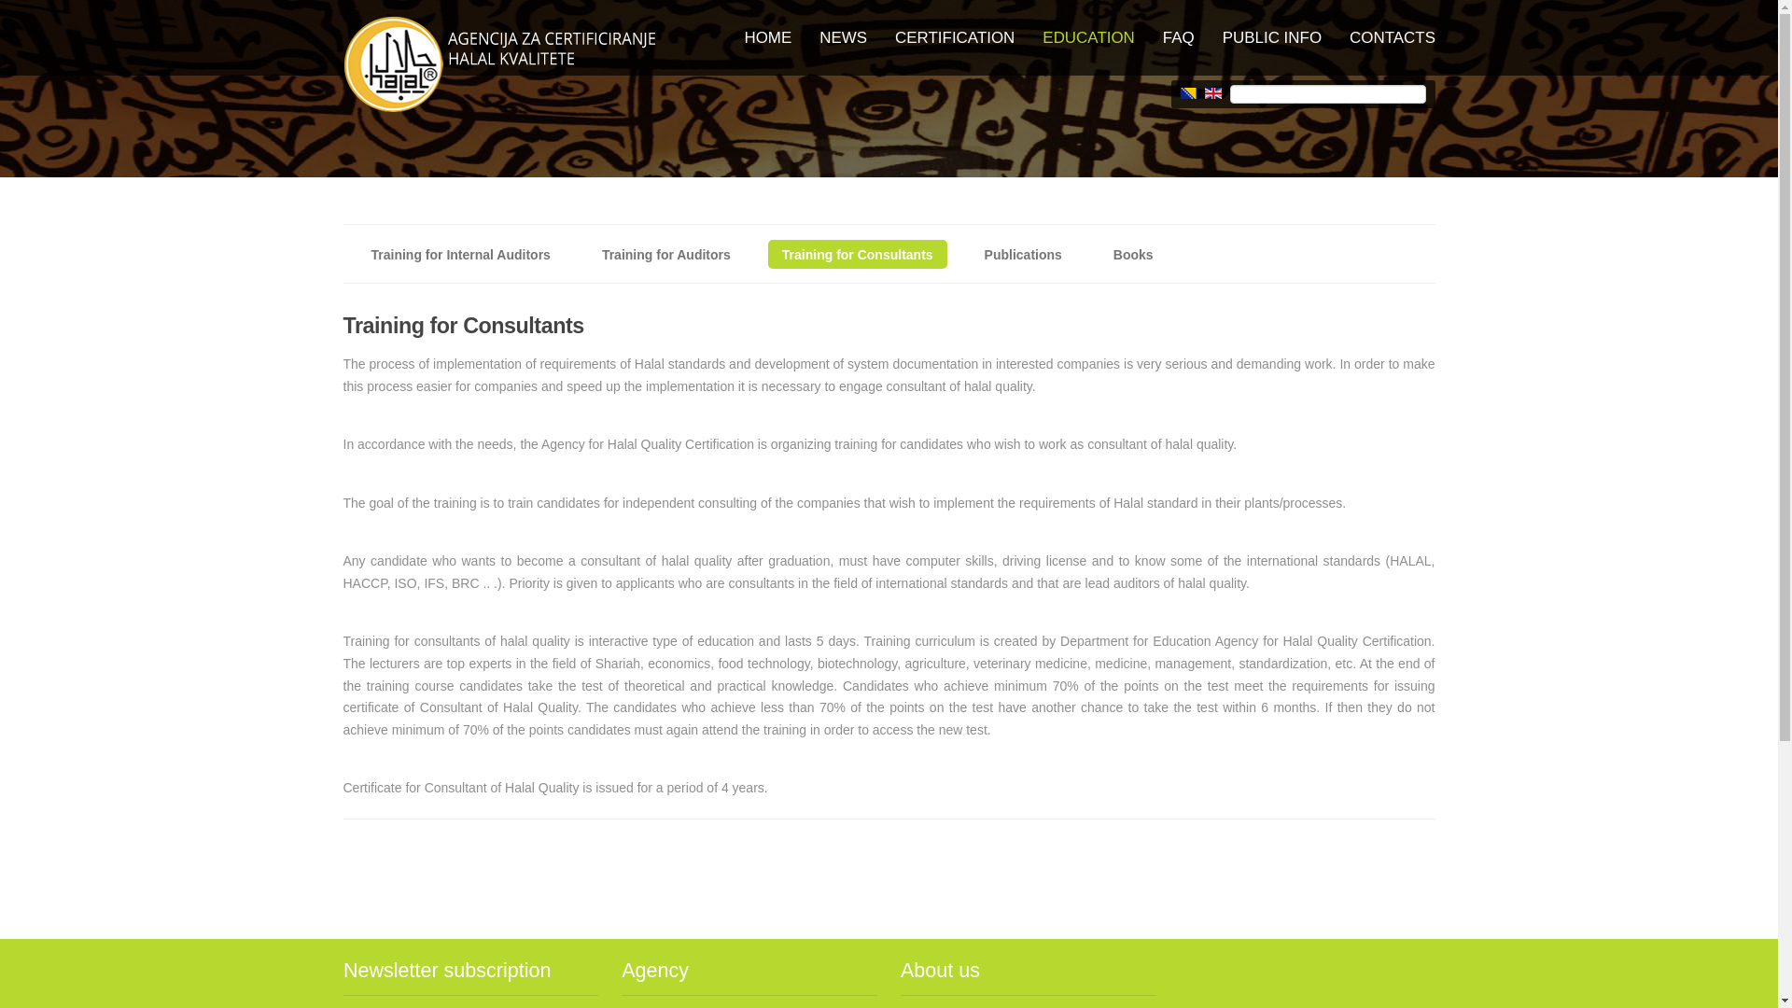 The height and width of the screenshot is (1008, 1792). Describe the element at coordinates (1088, 43) in the screenshot. I see `'EDUCATION'` at that location.